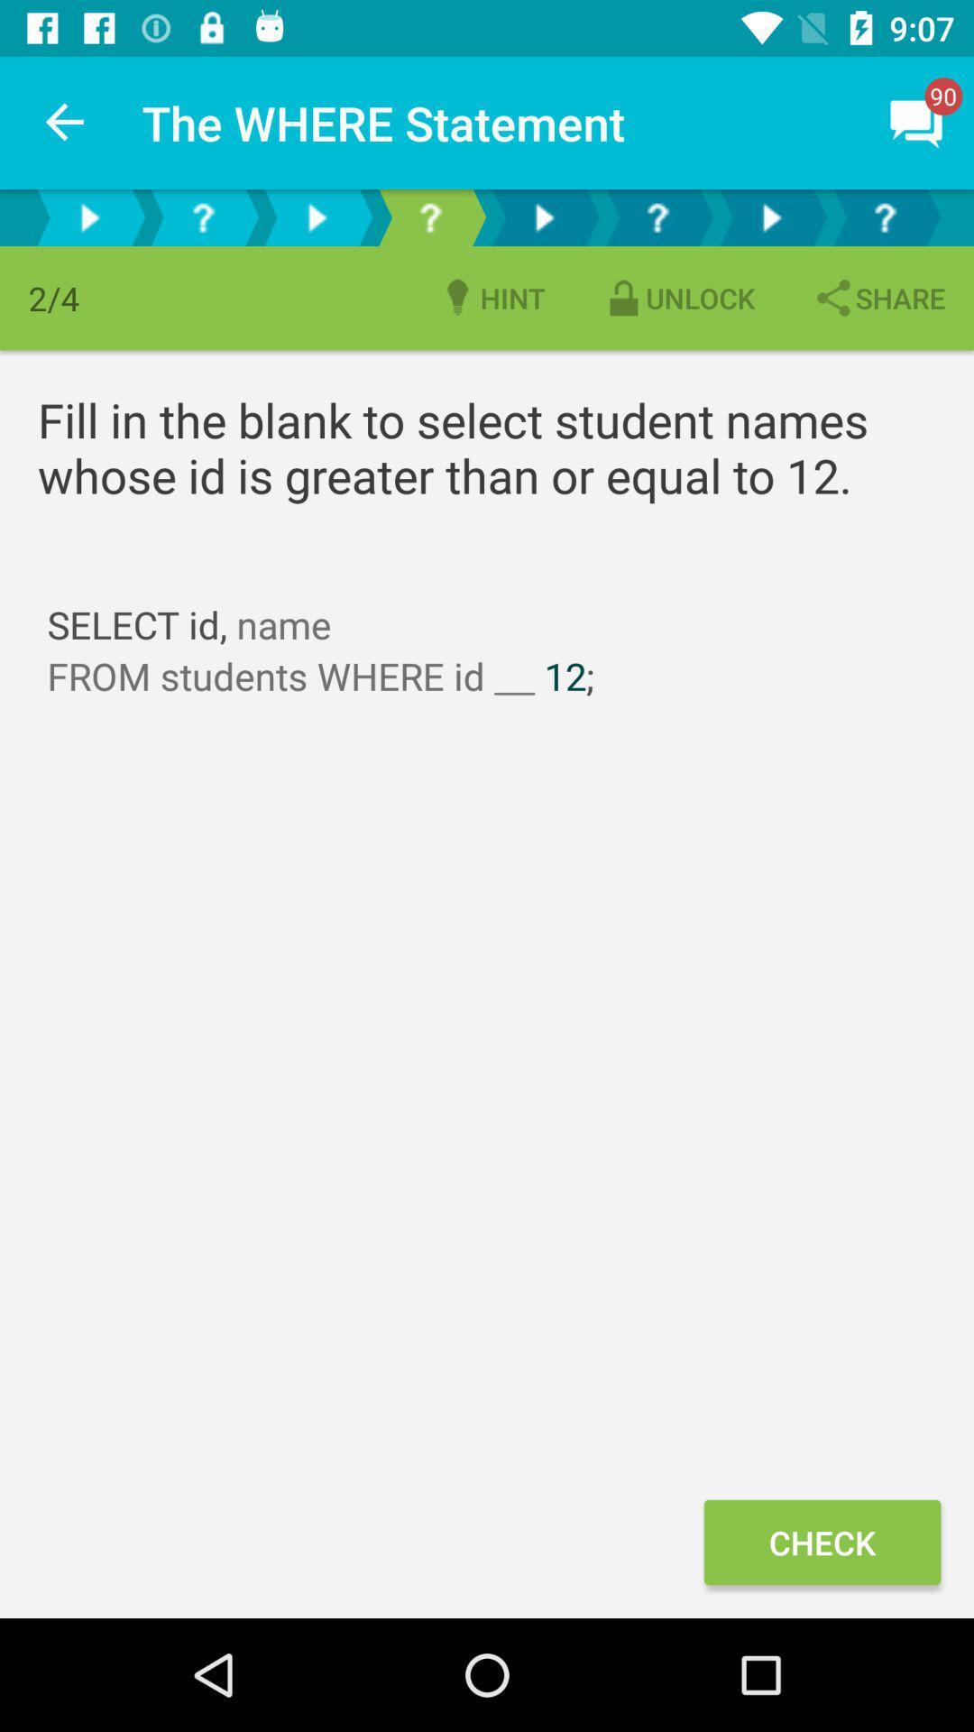 The height and width of the screenshot is (1732, 974). Describe the element at coordinates (883, 216) in the screenshot. I see `help` at that location.